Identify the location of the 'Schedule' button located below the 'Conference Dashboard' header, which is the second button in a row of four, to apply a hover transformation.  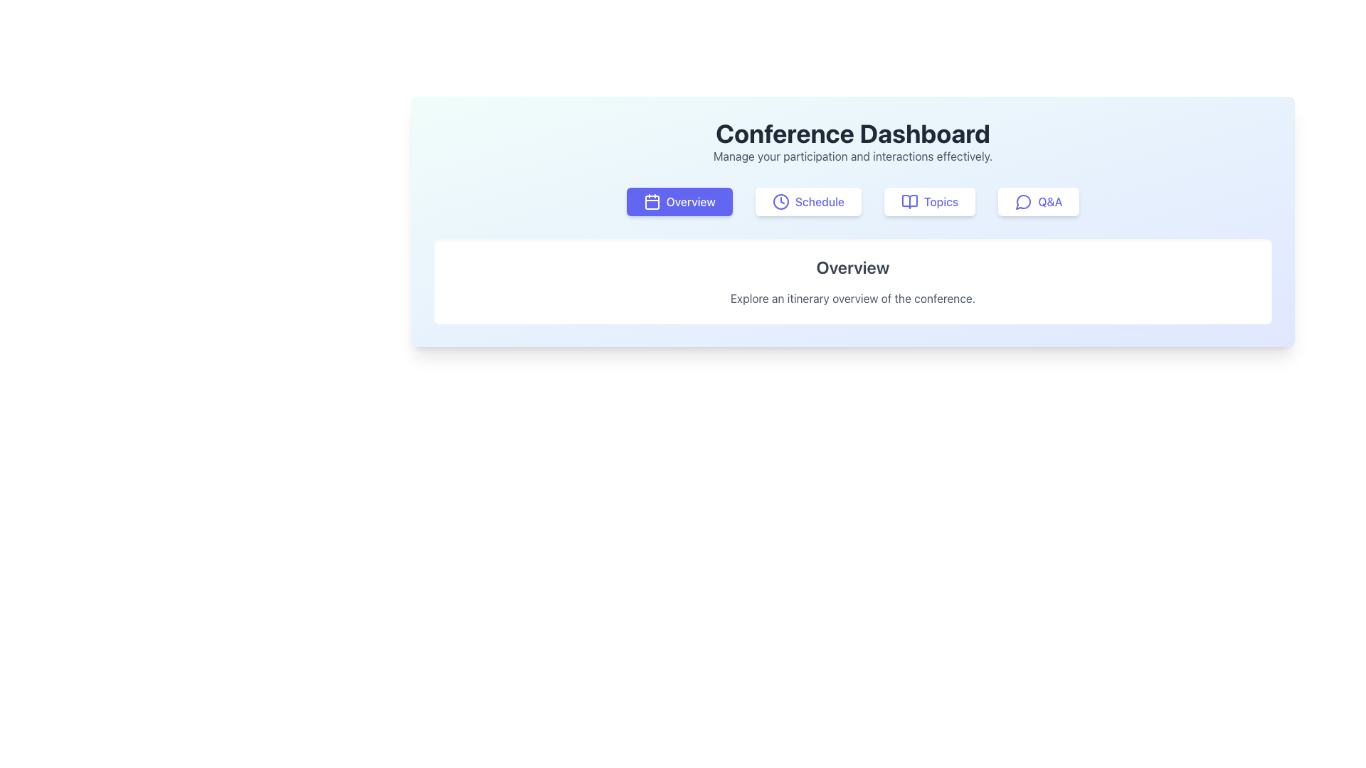
(808, 202).